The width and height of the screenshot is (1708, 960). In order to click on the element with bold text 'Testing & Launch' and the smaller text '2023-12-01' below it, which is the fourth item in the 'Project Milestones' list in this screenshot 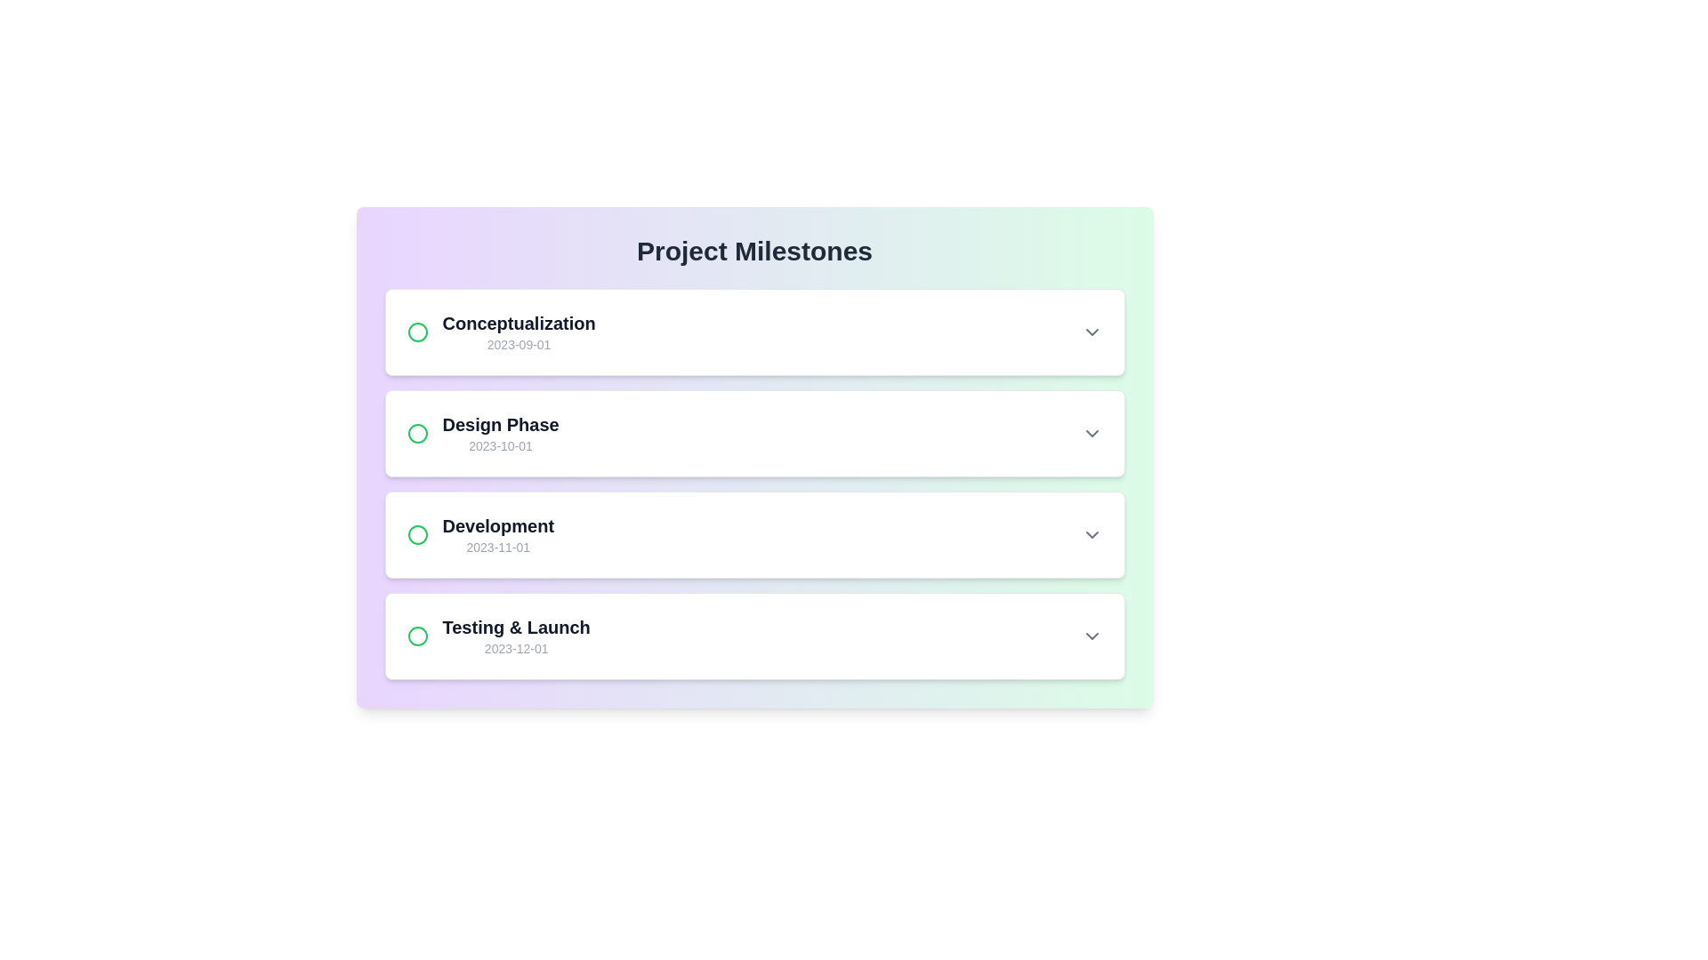, I will do `click(498, 636)`.